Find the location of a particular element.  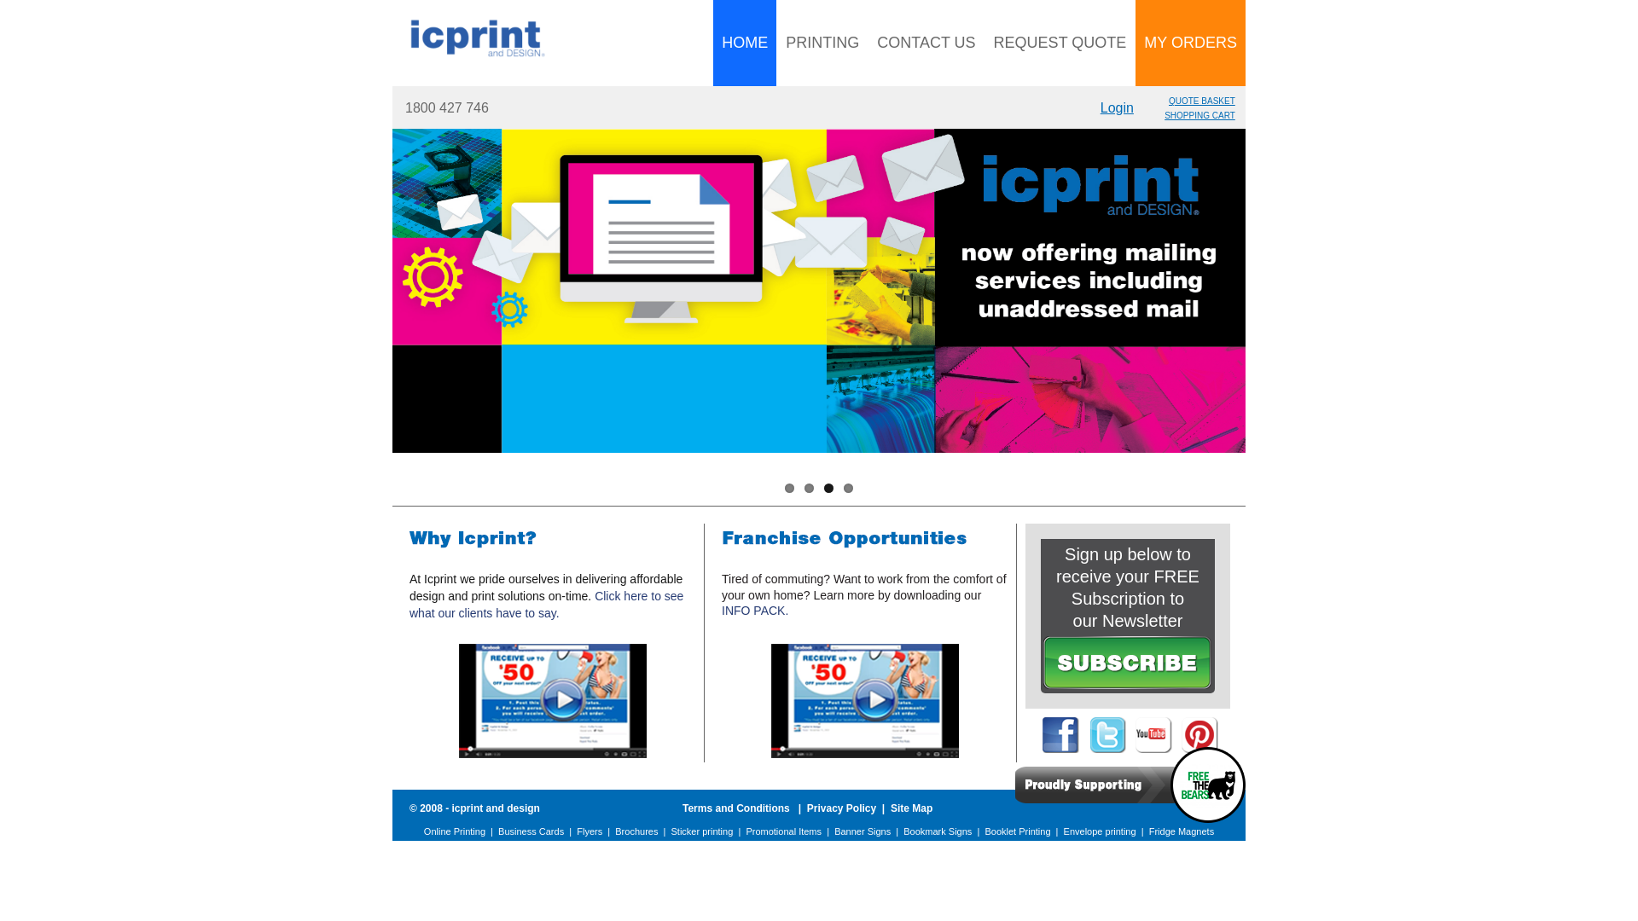

'QUOTE BASKET' is located at coordinates (1201, 101).